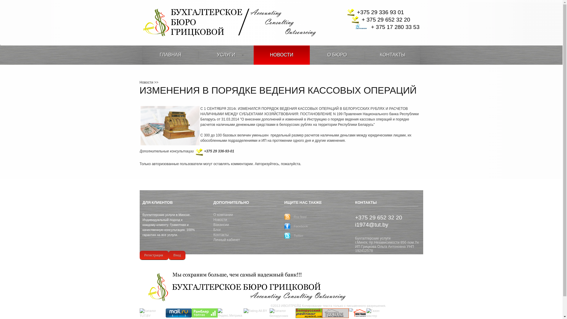 The width and height of the screenshot is (567, 319). What do you see at coordinates (298, 235) in the screenshot?
I see `'Twitter'` at bounding box center [298, 235].